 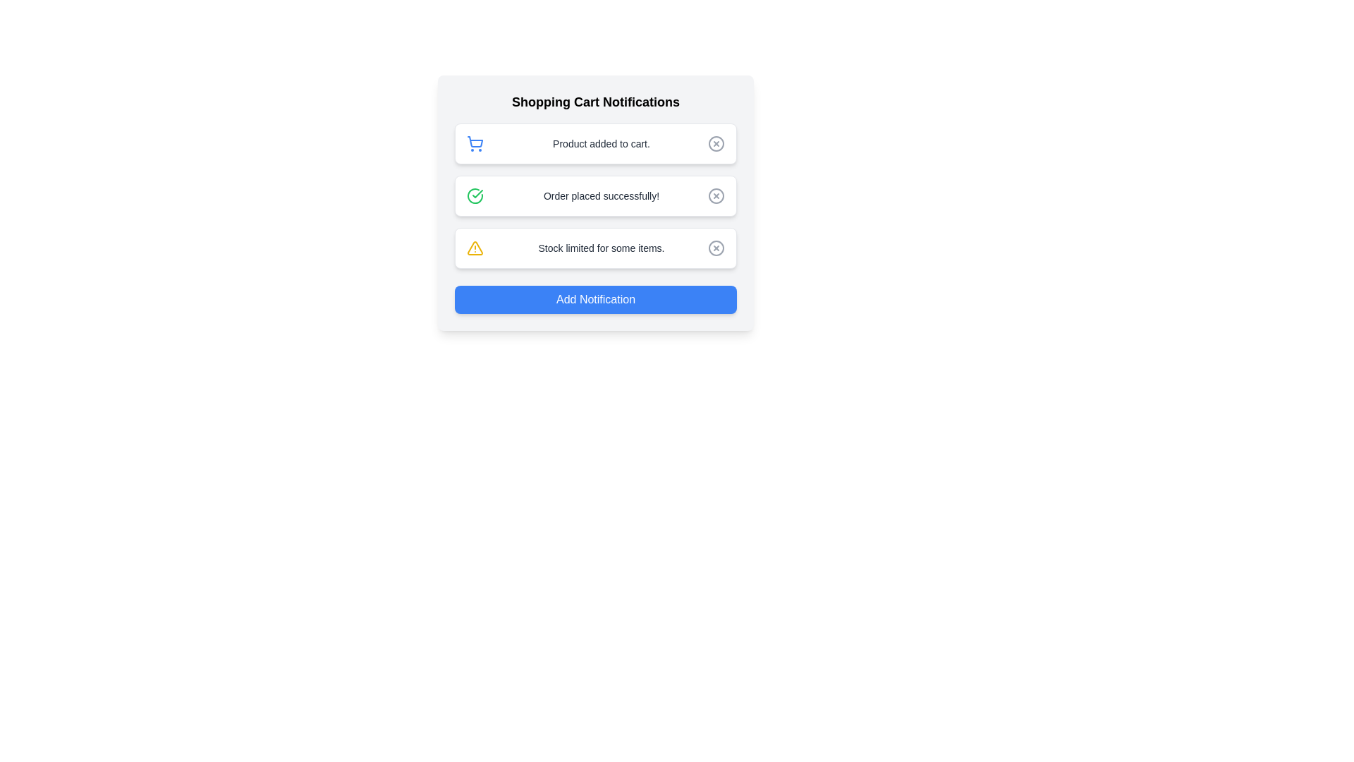 I want to click on the small circular dismiss button with a gray outline and 'X' symbol, so click(x=716, y=195).